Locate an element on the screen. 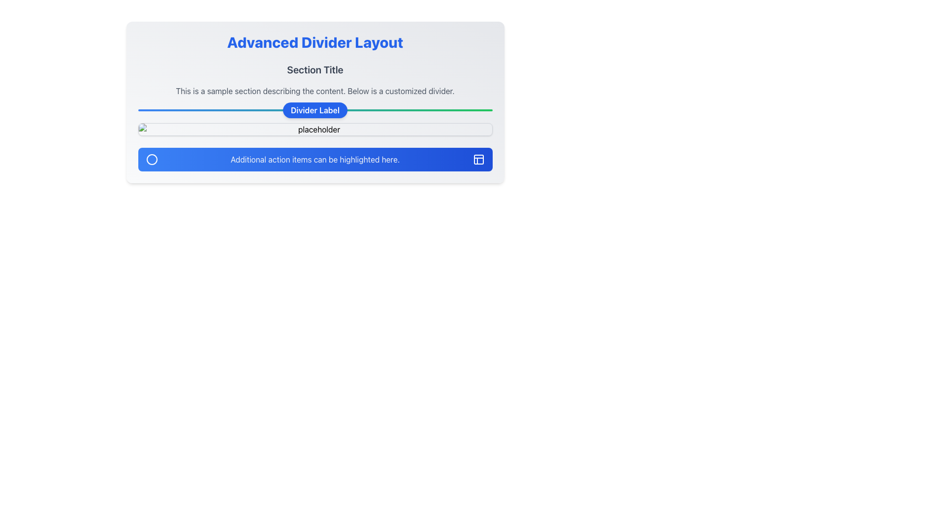 The width and height of the screenshot is (945, 532). the Informational Text Block displaying the text 'This is a sample section describing the content. Below is a customized divider.', located below the 'Section Title' and above a divider line is located at coordinates (315, 91).